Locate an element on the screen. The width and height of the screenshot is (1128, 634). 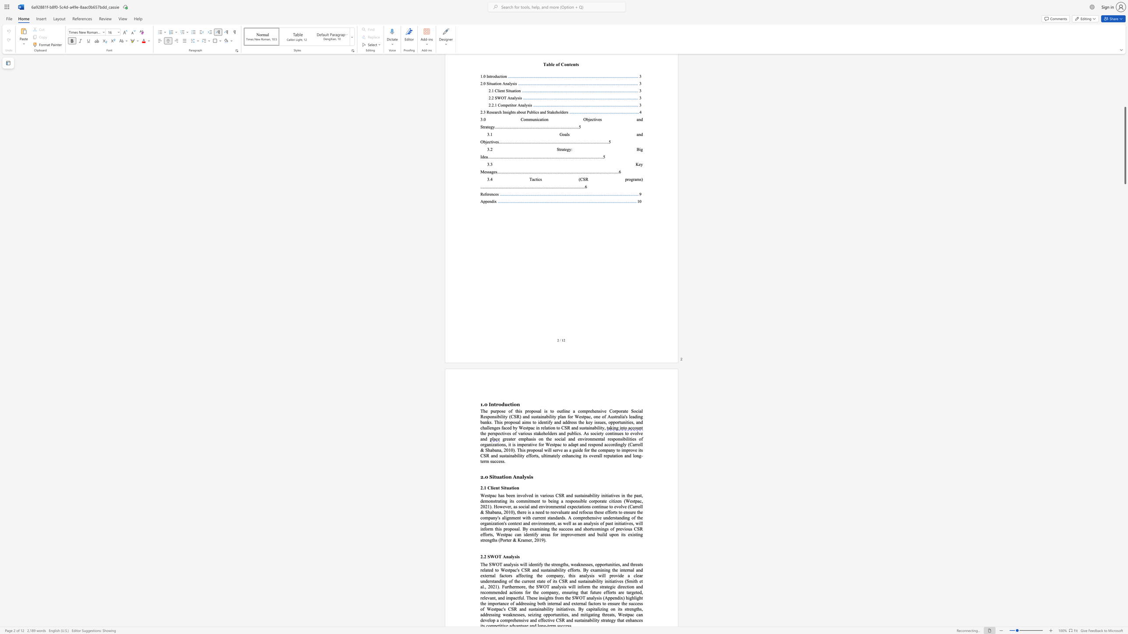
the 1th character "p" in the text is located at coordinates (507, 535).